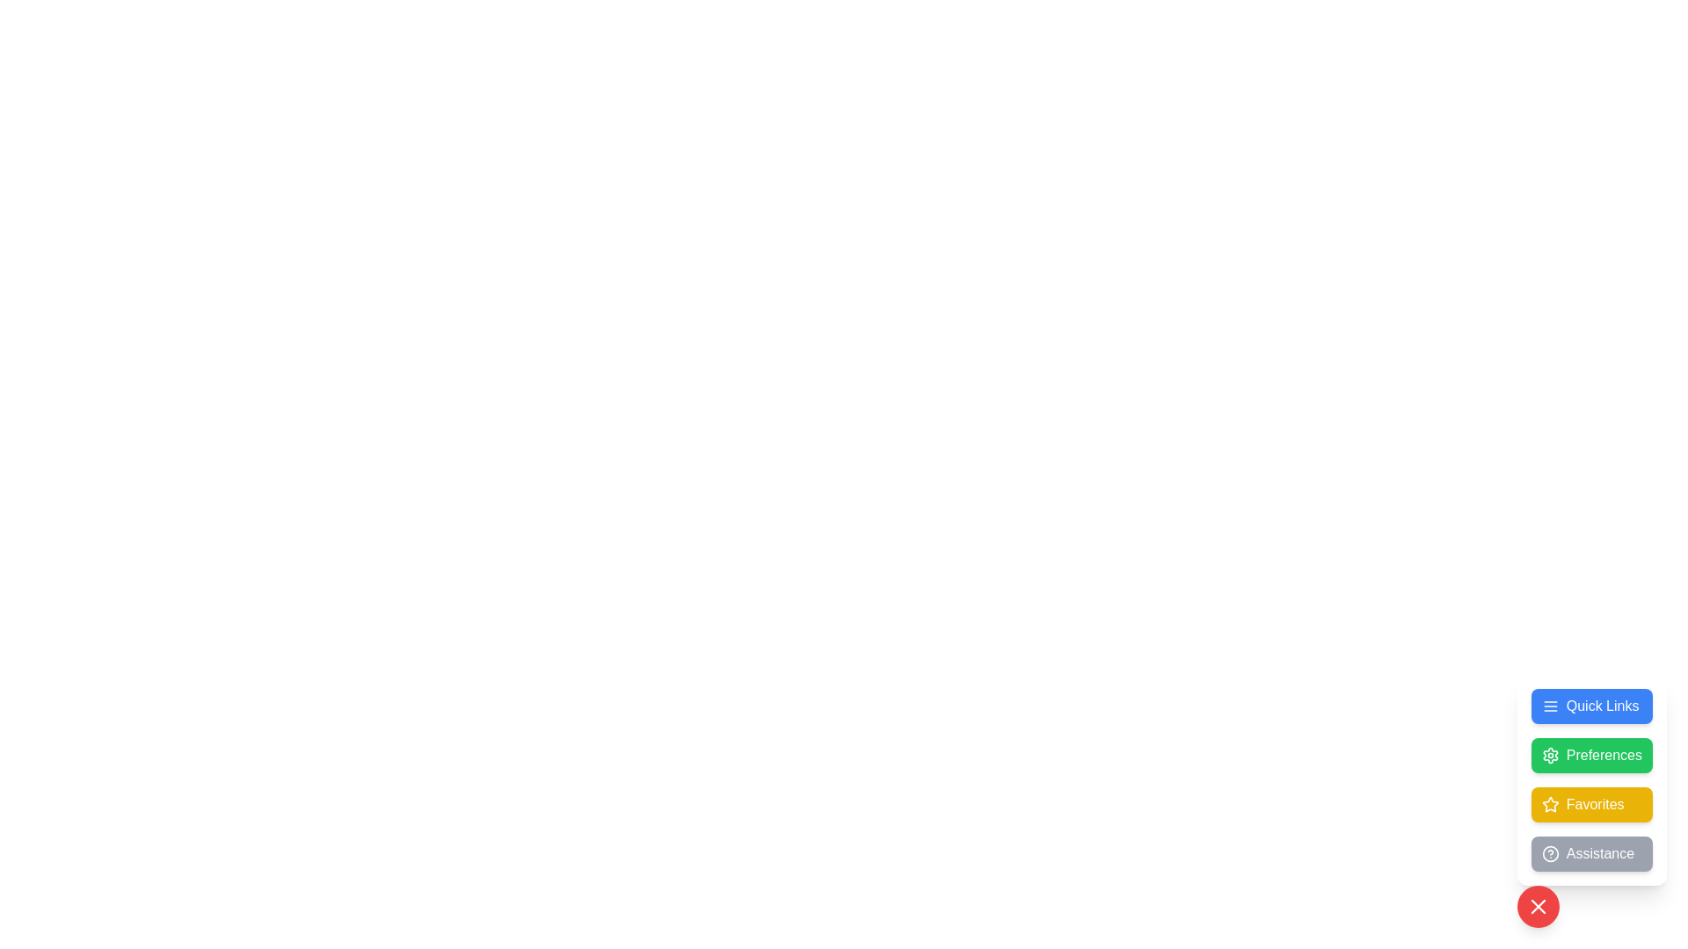 This screenshot has height=949, width=1688. Describe the element at coordinates (1537, 907) in the screenshot. I see `the diagonal cross icon located on the prominent red circular button at the bottom-right corner of the interface` at that location.